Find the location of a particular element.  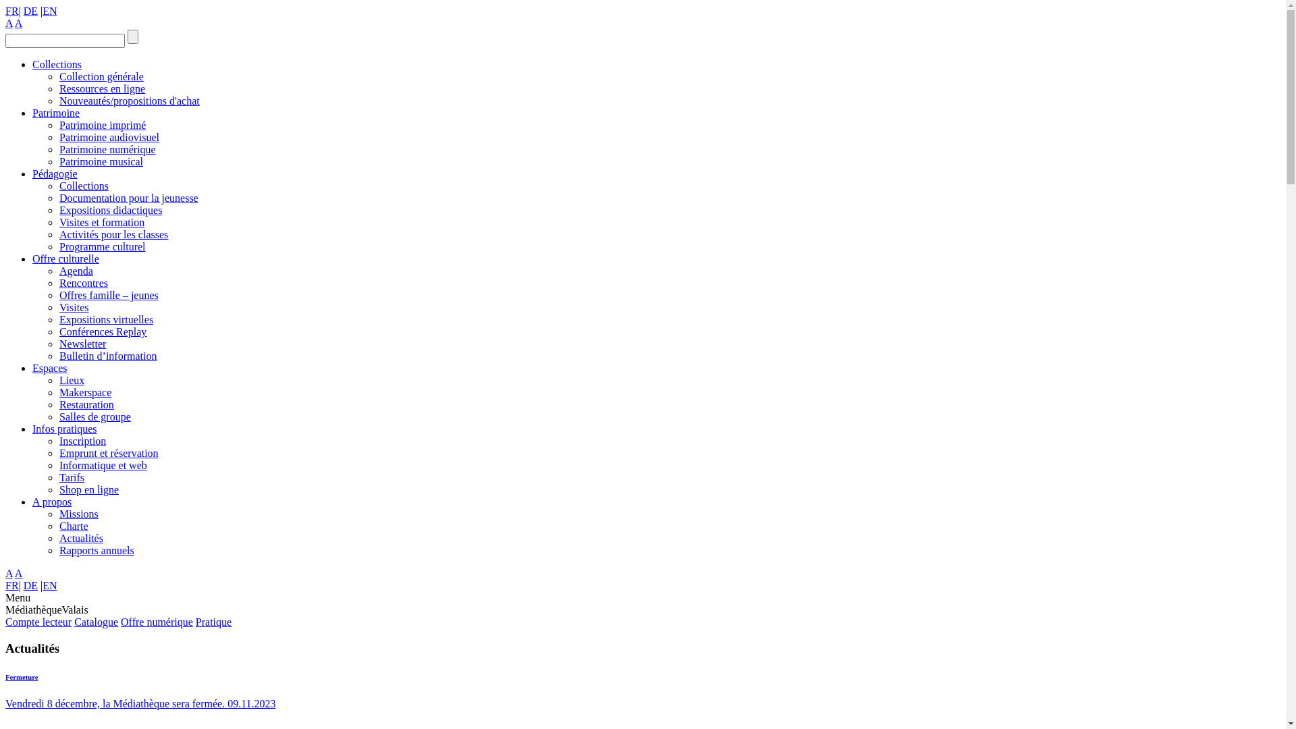

'EN' is located at coordinates (42, 585).